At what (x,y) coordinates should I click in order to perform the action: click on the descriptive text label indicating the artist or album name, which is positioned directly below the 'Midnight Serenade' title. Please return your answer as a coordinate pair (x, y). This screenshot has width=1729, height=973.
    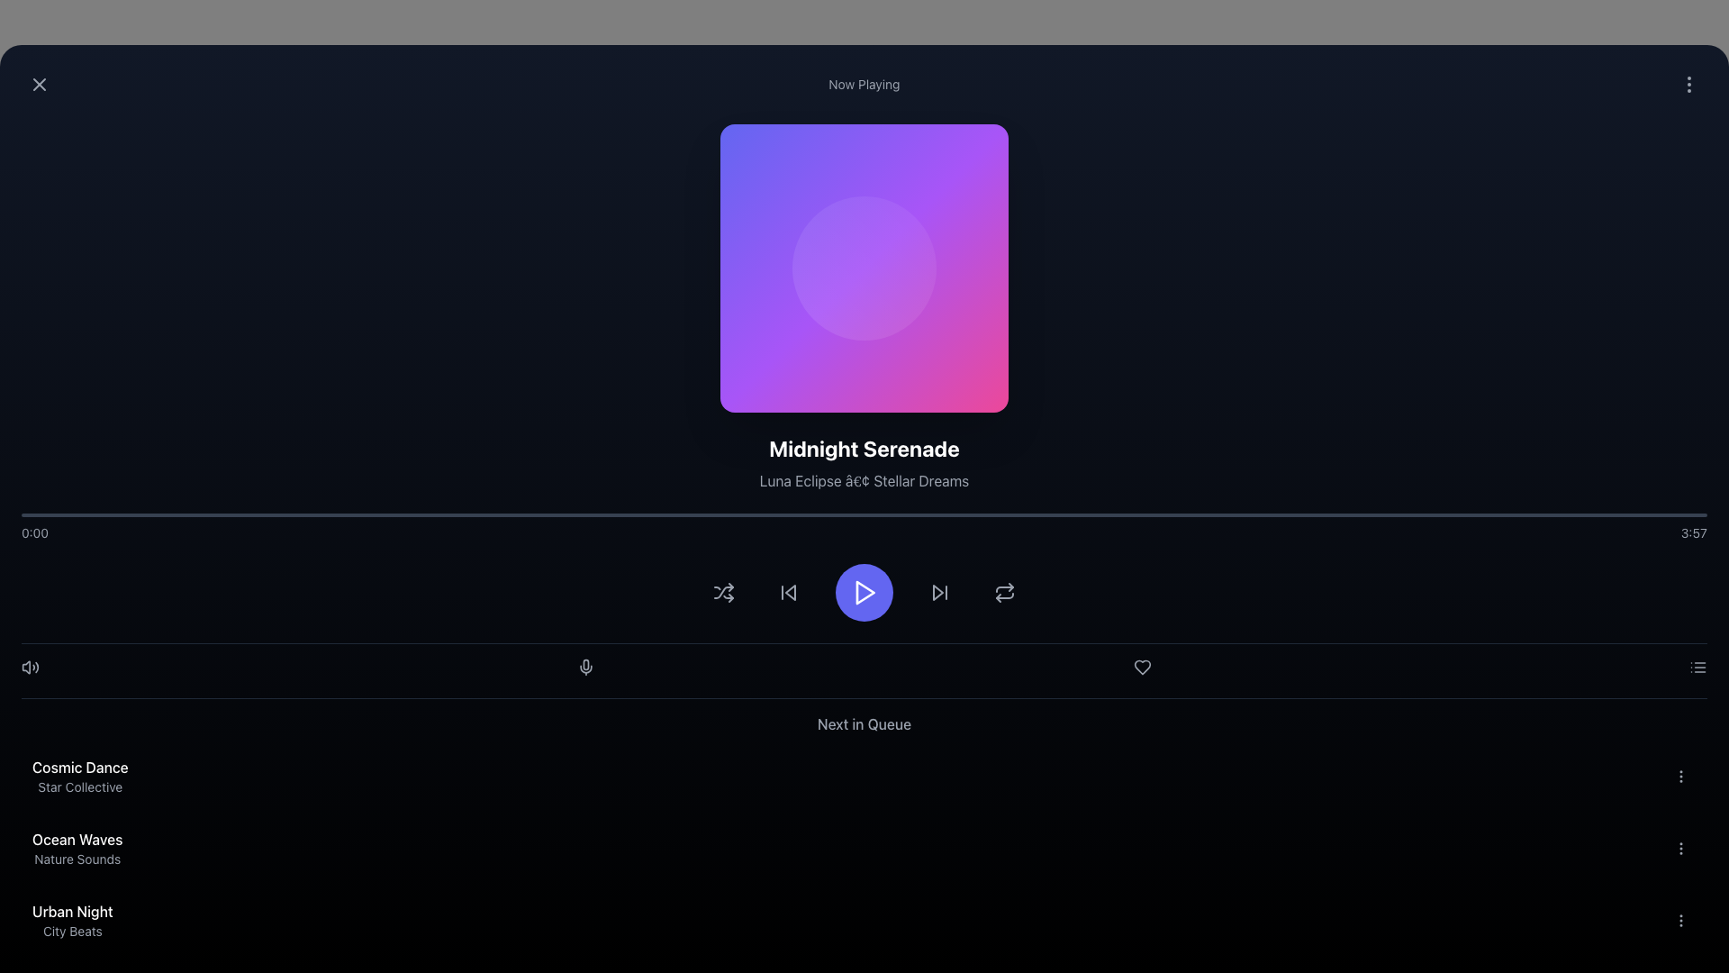
    Looking at the image, I should click on (864, 479).